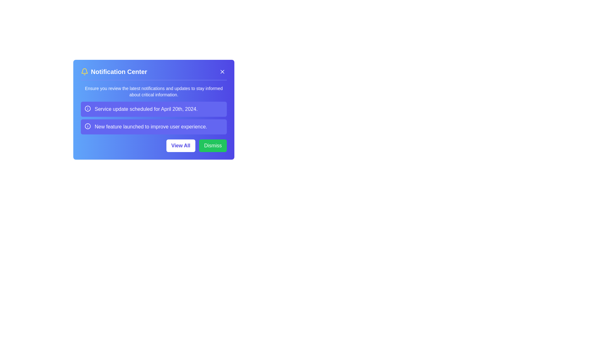  I want to click on the second notification in the Notification Center panel that communicates a new feature or update to the user, so click(154, 127).